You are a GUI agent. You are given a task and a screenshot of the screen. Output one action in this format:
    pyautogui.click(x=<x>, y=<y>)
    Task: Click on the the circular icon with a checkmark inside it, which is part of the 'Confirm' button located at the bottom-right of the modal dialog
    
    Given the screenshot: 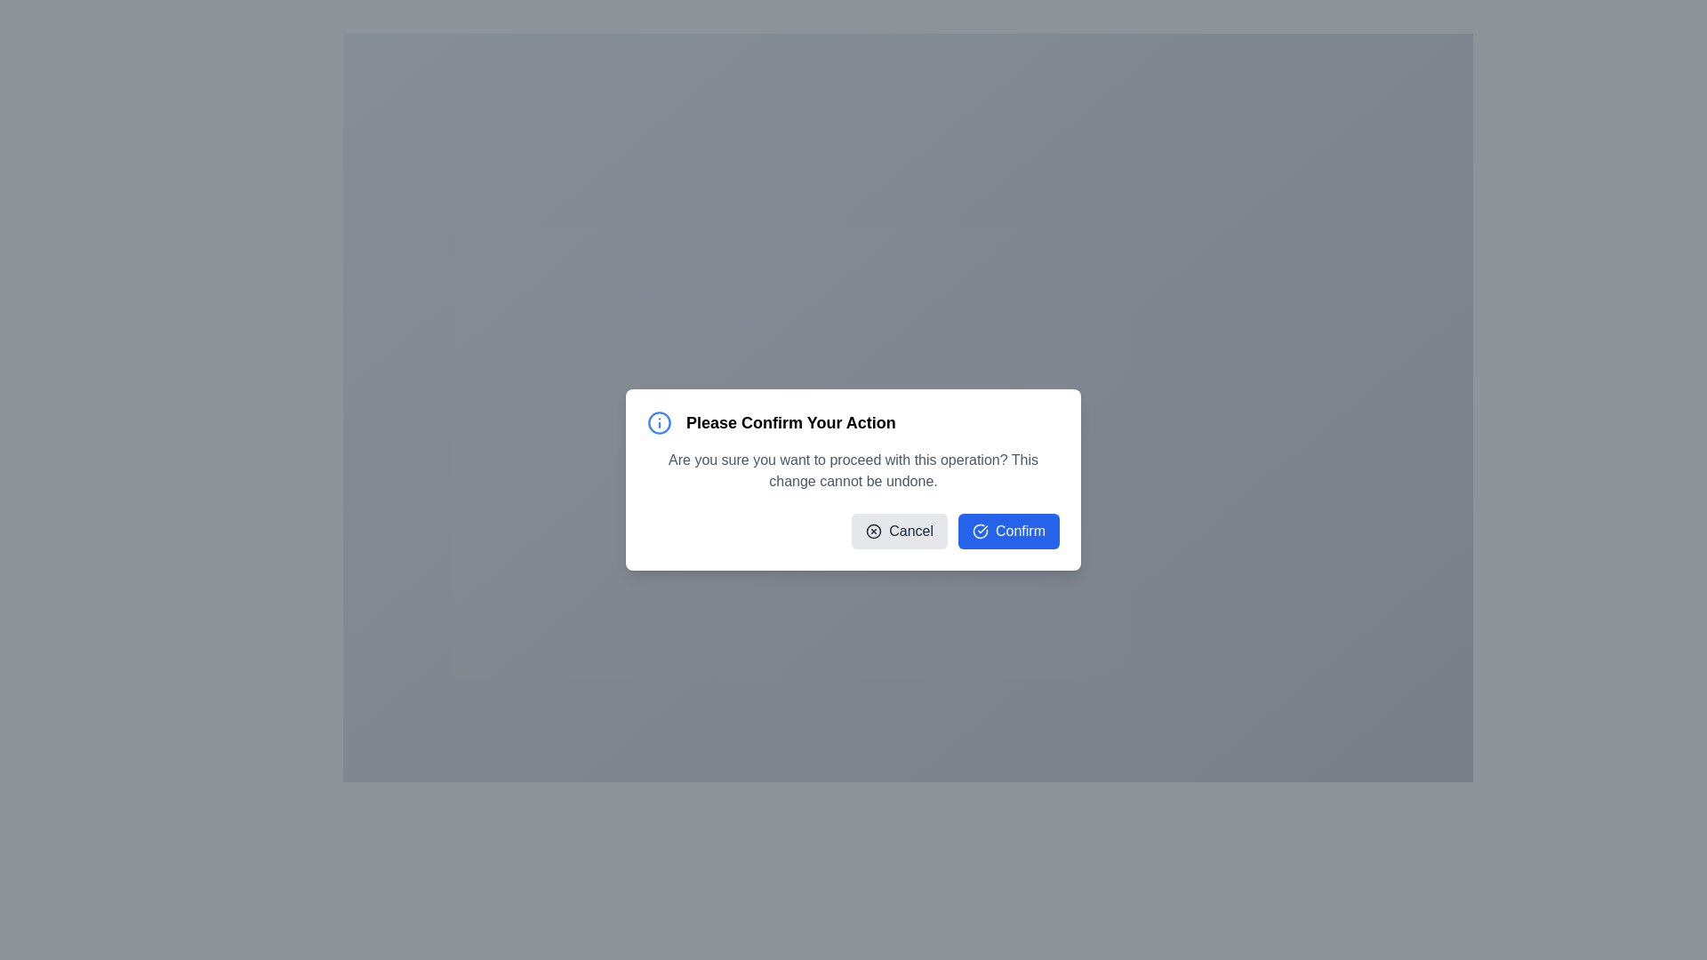 What is the action you would take?
    pyautogui.click(x=980, y=530)
    